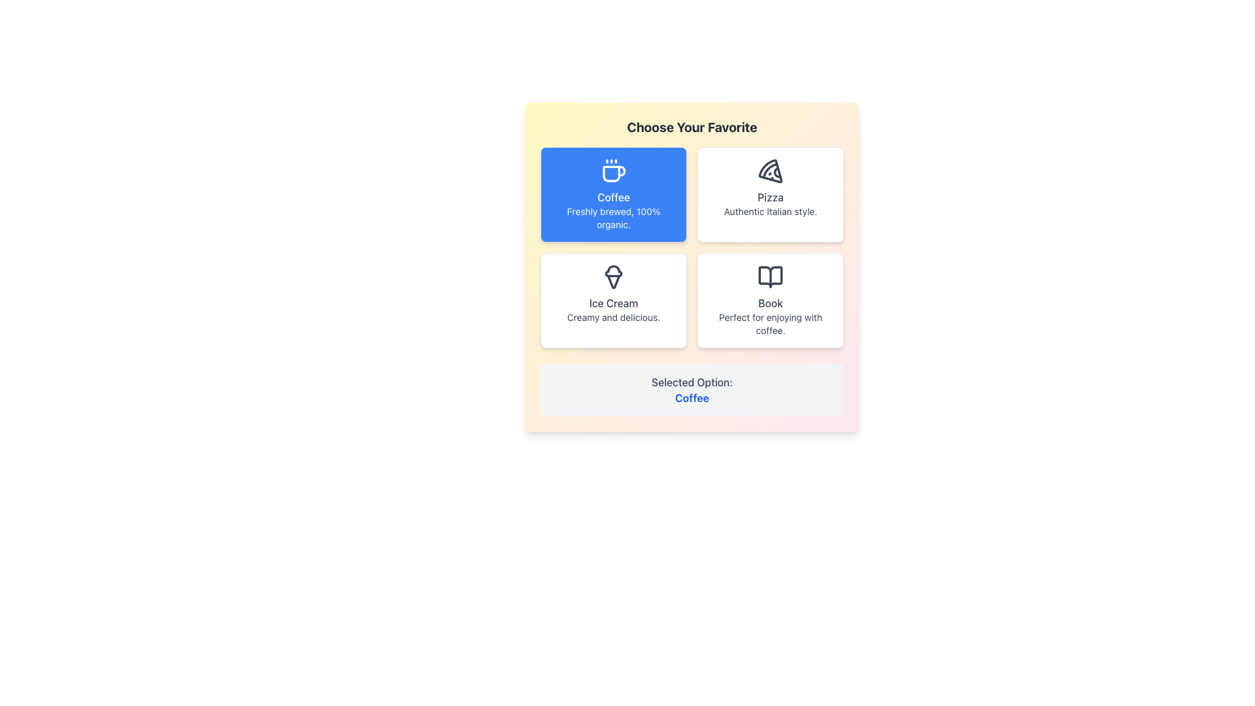 This screenshot has width=1255, height=706. What do you see at coordinates (771, 324) in the screenshot?
I see `the descriptive text label that provides context for the 'Book' card located in the bottom-right section of the grid layout` at bounding box center [771, 324].